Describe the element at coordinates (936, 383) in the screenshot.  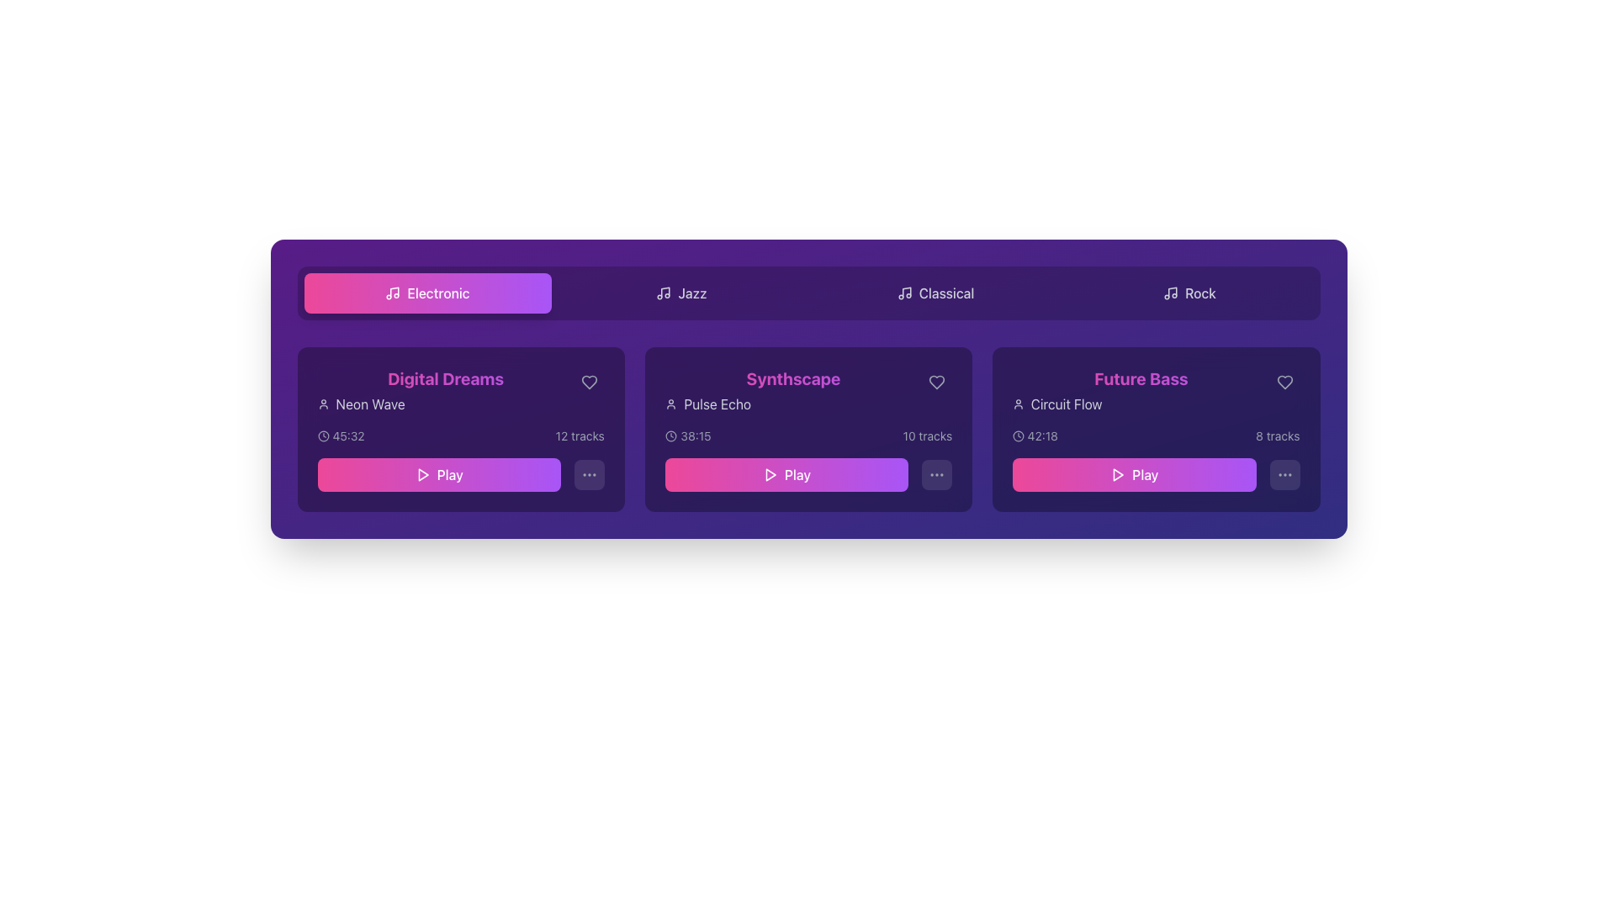
I see `the 'favorite' or 'like' button located in the top-right section of the card labeled 'Synthscape', which is directly above the subtitle 'Pulse Echo'` at that location.